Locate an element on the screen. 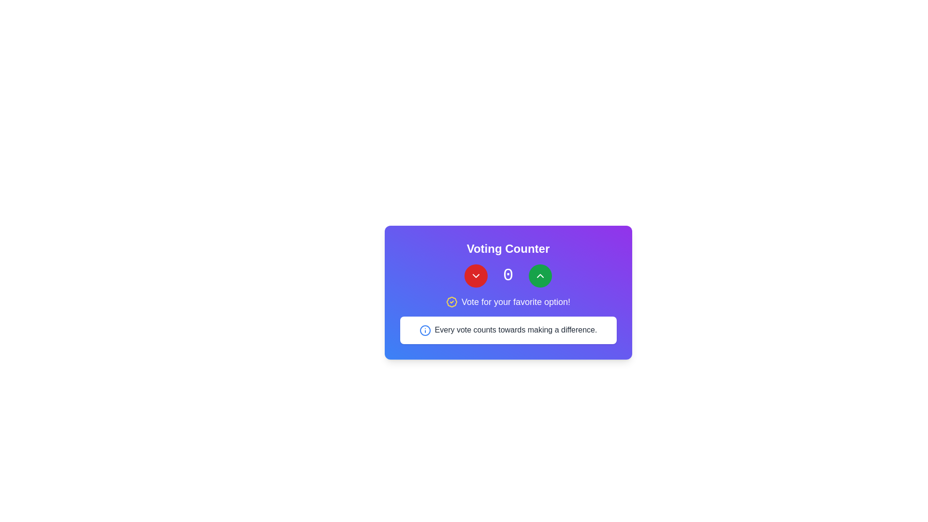  the Decorative text with an accompanying icon that prompts users to engage with the voting process, which is located below the numeric counter and above an informational box is located at coordinates (507, 301).